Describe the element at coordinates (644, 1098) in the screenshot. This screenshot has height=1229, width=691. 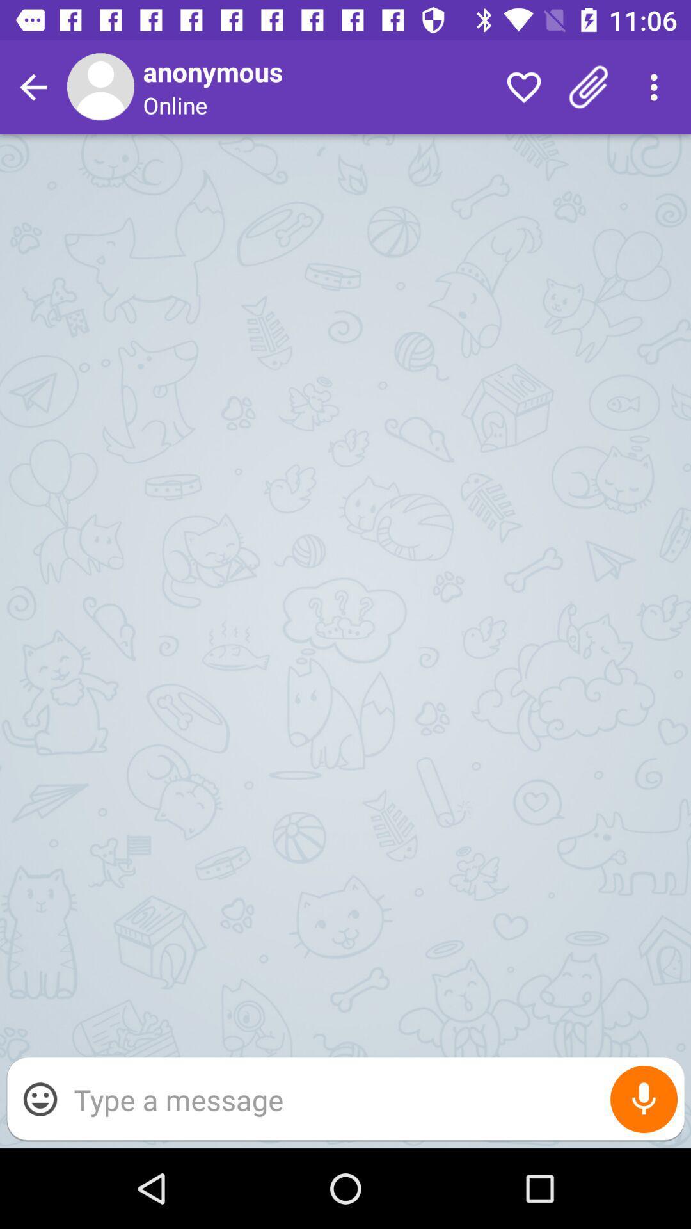
I see `speak a new message` at that location.